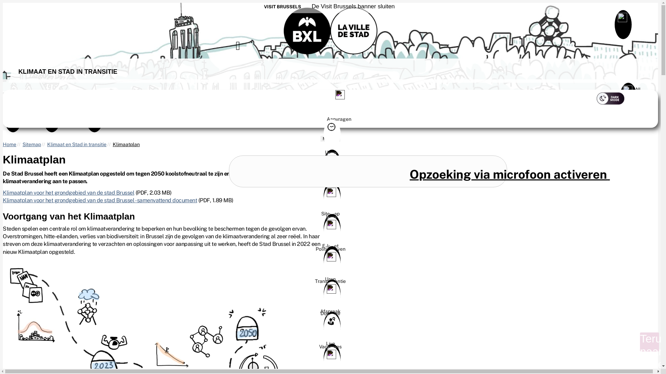 The image size is (666, 374). What do you see at coordinates (282, 7) in the screenshot?
I see `'VISIT BRUSSELS'` at bounding box center [282, 7].